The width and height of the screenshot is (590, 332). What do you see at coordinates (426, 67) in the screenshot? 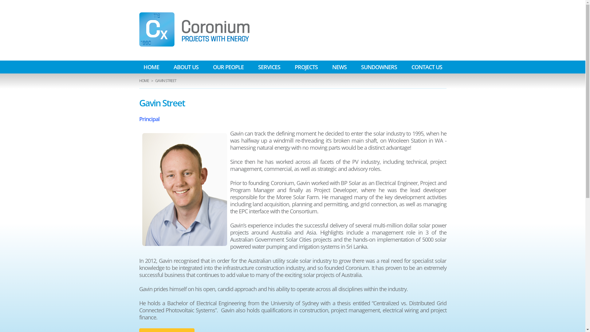
I see `'CONTACT US'` at bounding box center [426, 67].